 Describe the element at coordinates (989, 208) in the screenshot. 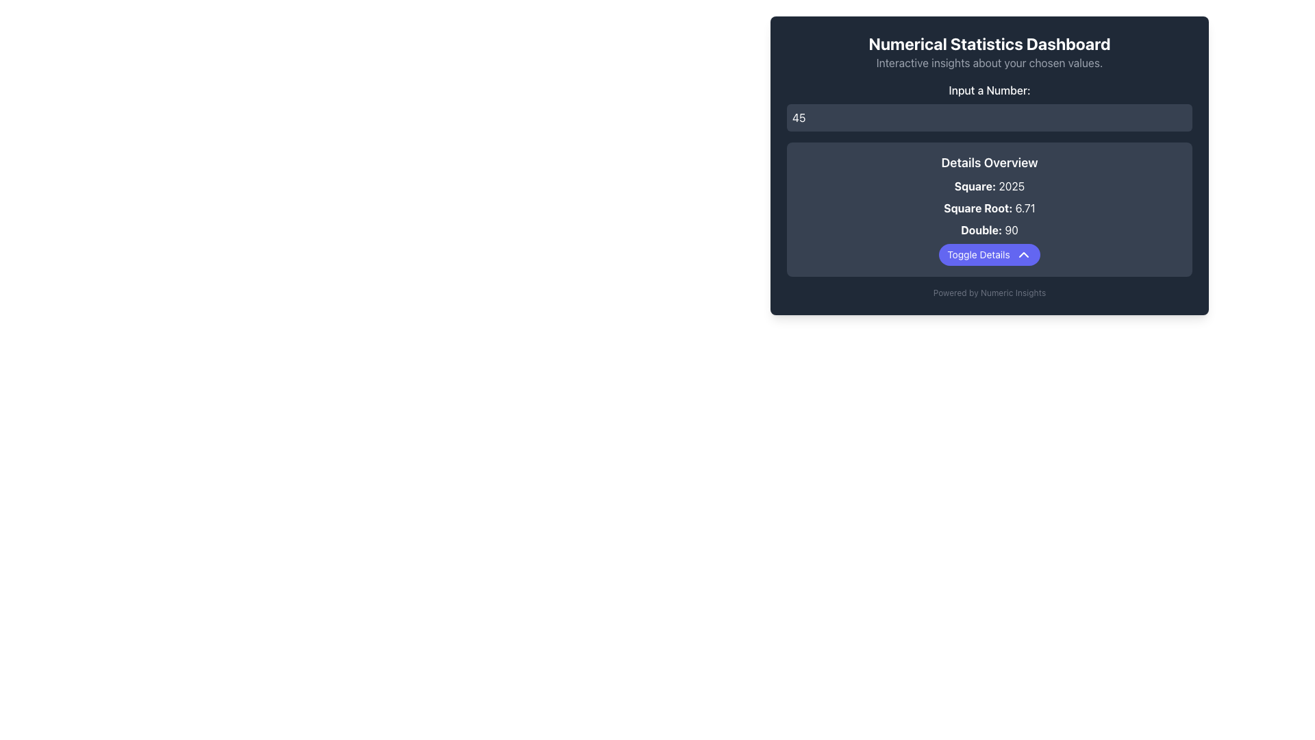

I see `the static text block displaying computed statistics, including 'Square: 2025', 'Square Root: 6.71', and 'Double: 90', located in the 'Details Overview' panel` at that location.